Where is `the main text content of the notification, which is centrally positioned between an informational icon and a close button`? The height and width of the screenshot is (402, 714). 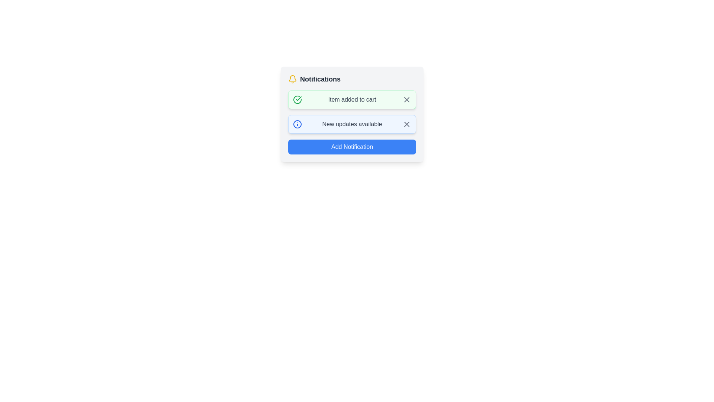 the main text content of the notification, which is centrally positioned between an informational icon and a close button is located at coordinates (351, 124).